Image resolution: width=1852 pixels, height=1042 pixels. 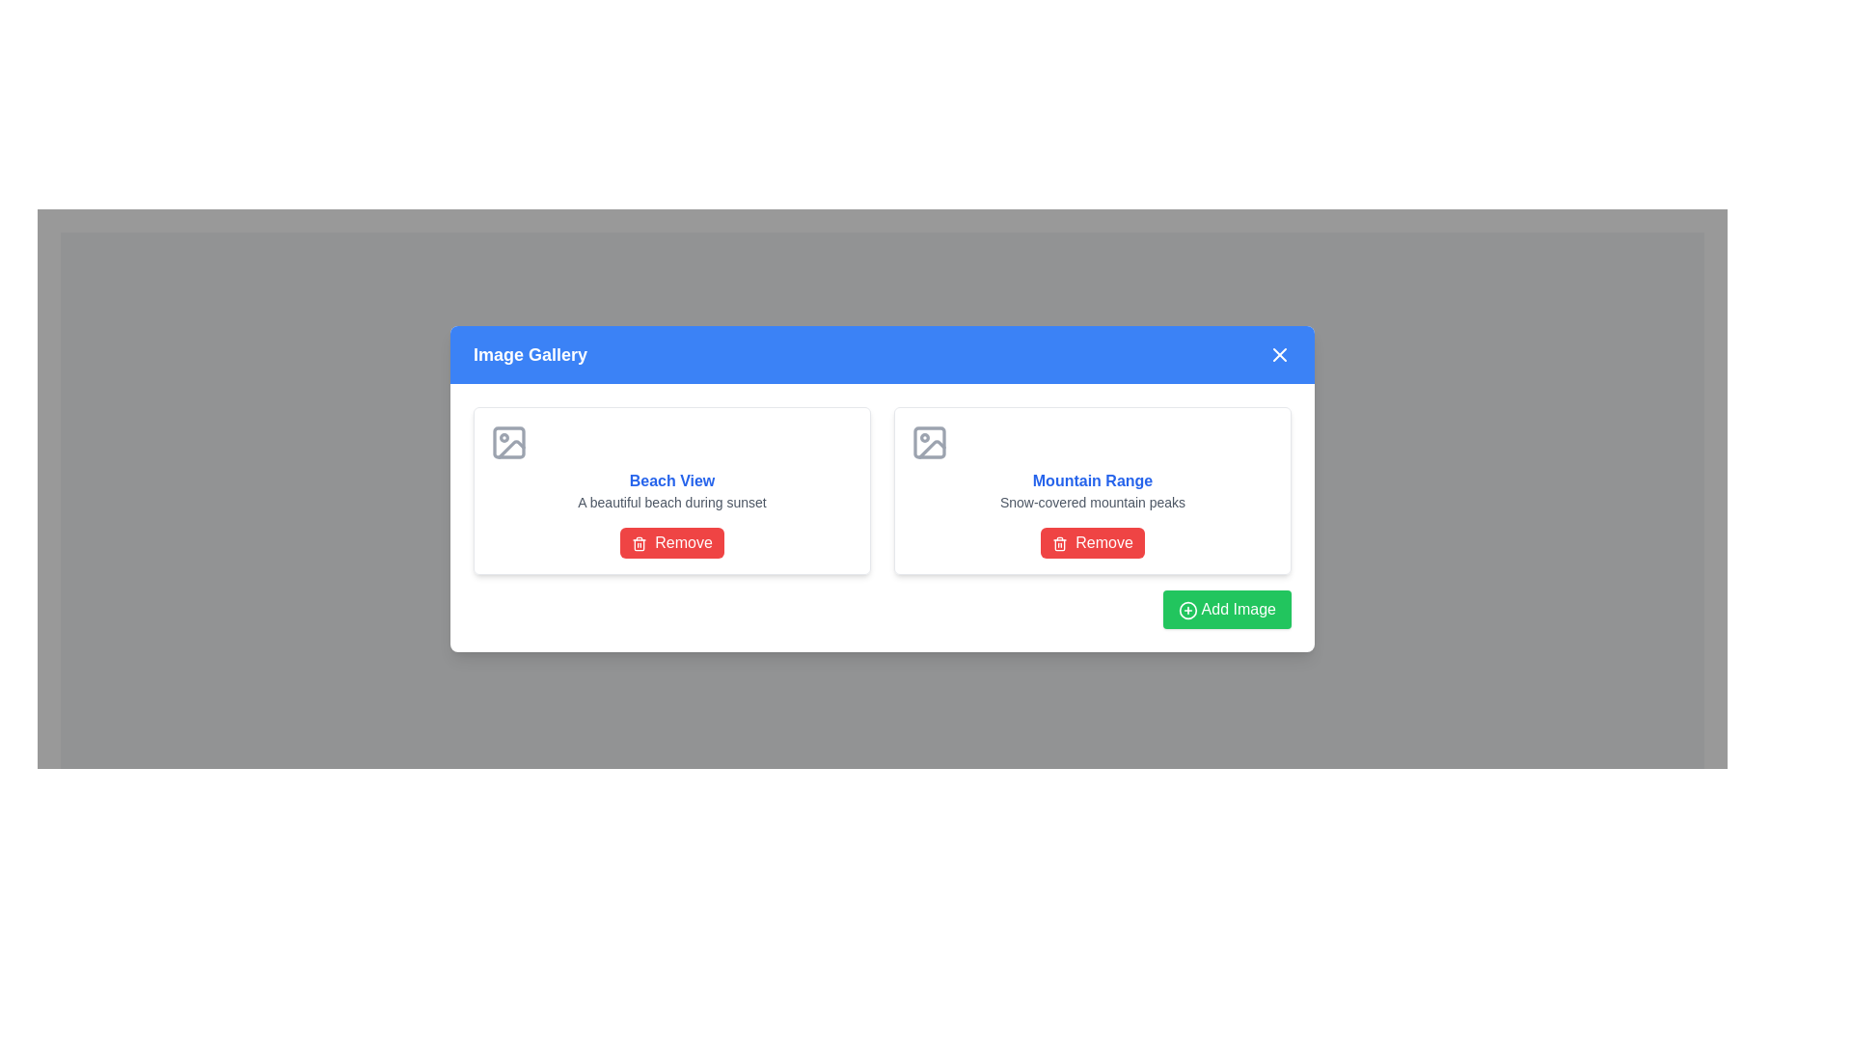 I want to click on the close button located in the top-right corner of the blue title bar of the image gallery dialog box, so click(x=1279, y=354).